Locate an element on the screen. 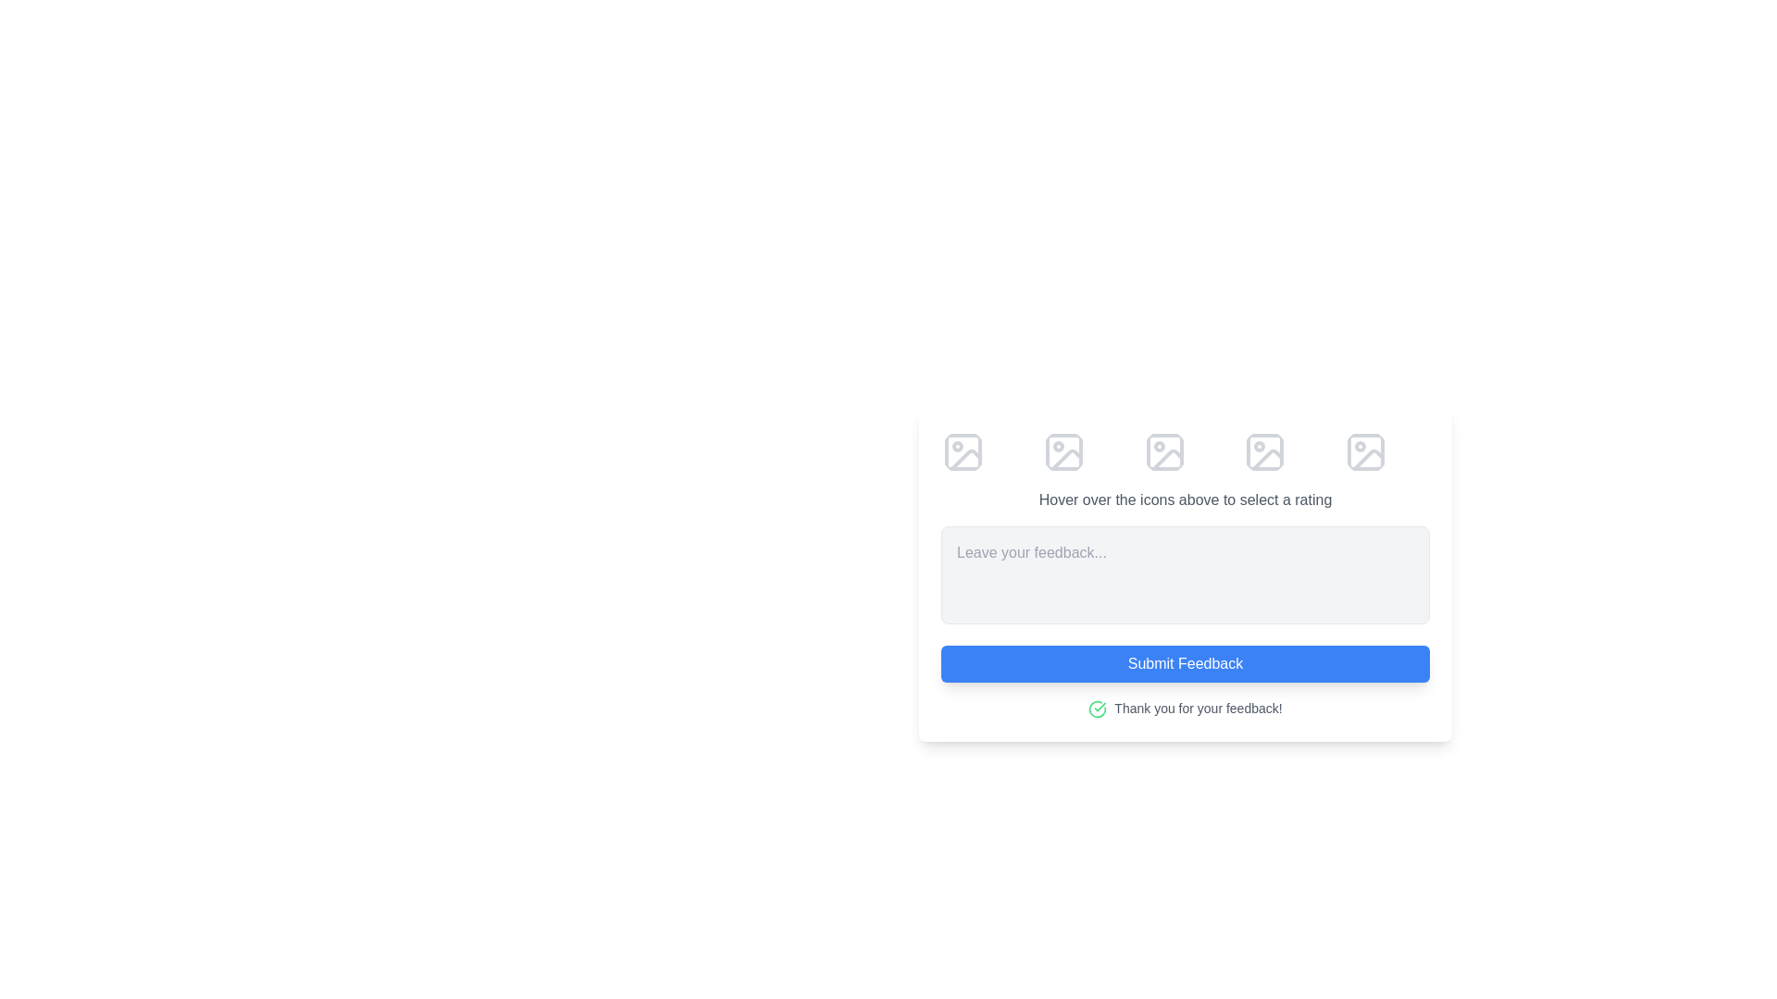 Image resolution: width=1777 pixels, height=999 pixels. the static text label that reads 'Thank you for your feedback!' located below the 'Submit Feedback' button is located at coordinates (1199, 708).